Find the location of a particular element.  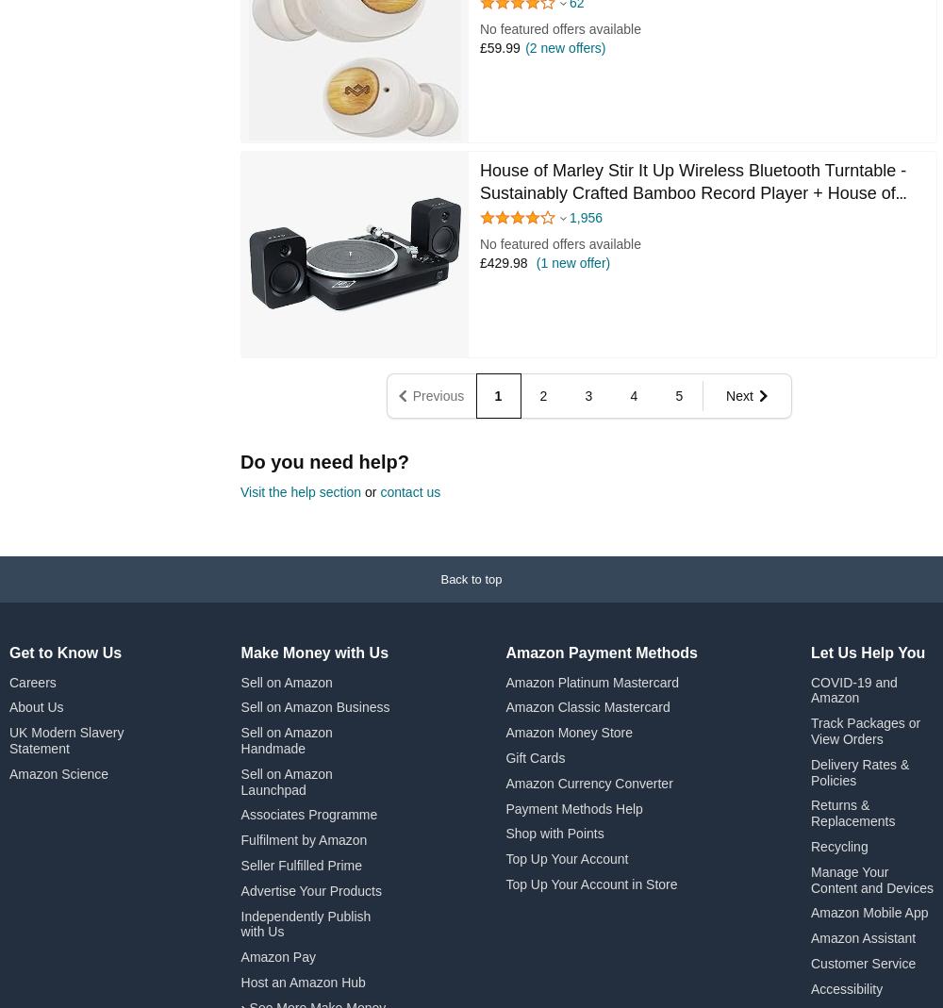

'£429.98' is located at coordinates (504, 261).